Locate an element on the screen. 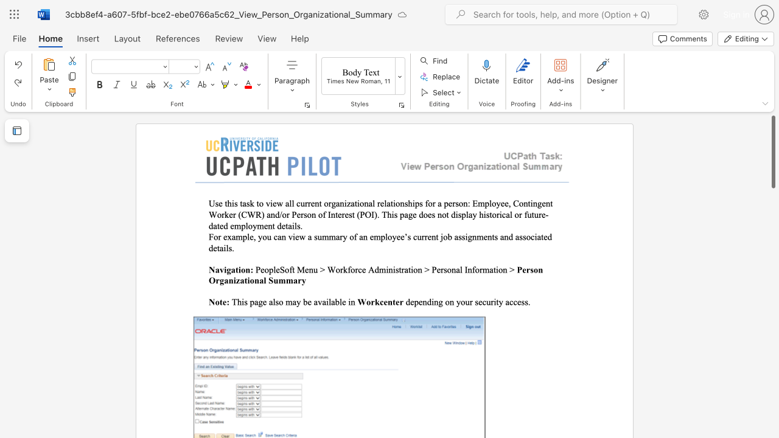  the subset text "on Organizational" within the text "Person Organizational Summary" is located at coordinates (533, 269).